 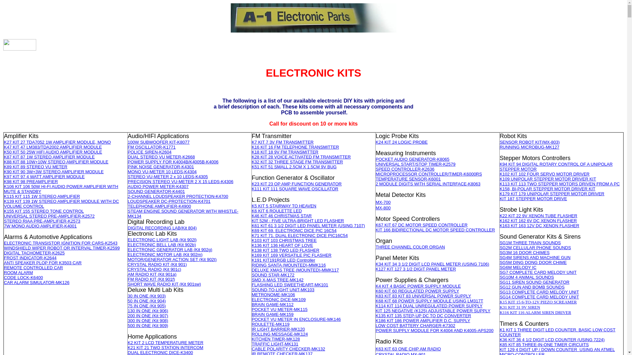 What do you see at coordinates (417, 291) in the screenshot?
I see `'K60 KIT 60 REGULATED POWER SUPPLY'` at bounding box center [417, 291].